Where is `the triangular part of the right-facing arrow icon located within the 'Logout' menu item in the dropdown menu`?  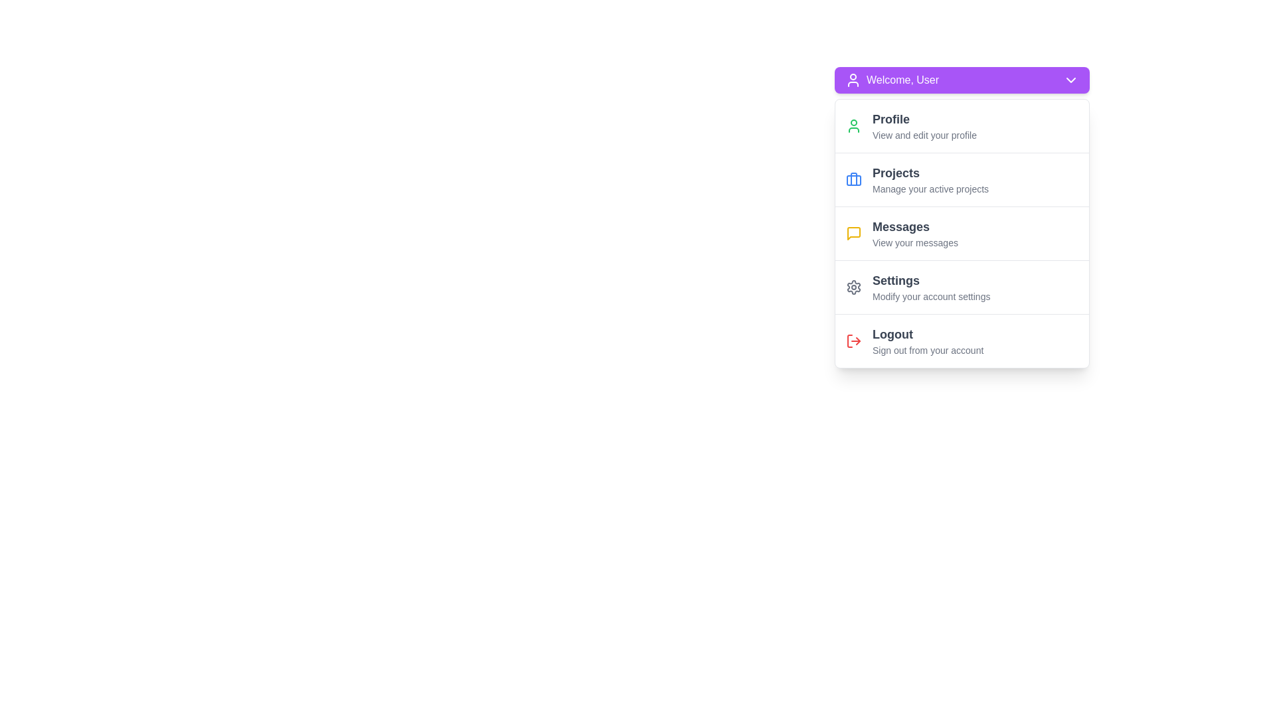
the triangular part of the right-facing arrow icon located within the 'Logout' menu item in the dropdown menu is located at coordinates (858, 340).